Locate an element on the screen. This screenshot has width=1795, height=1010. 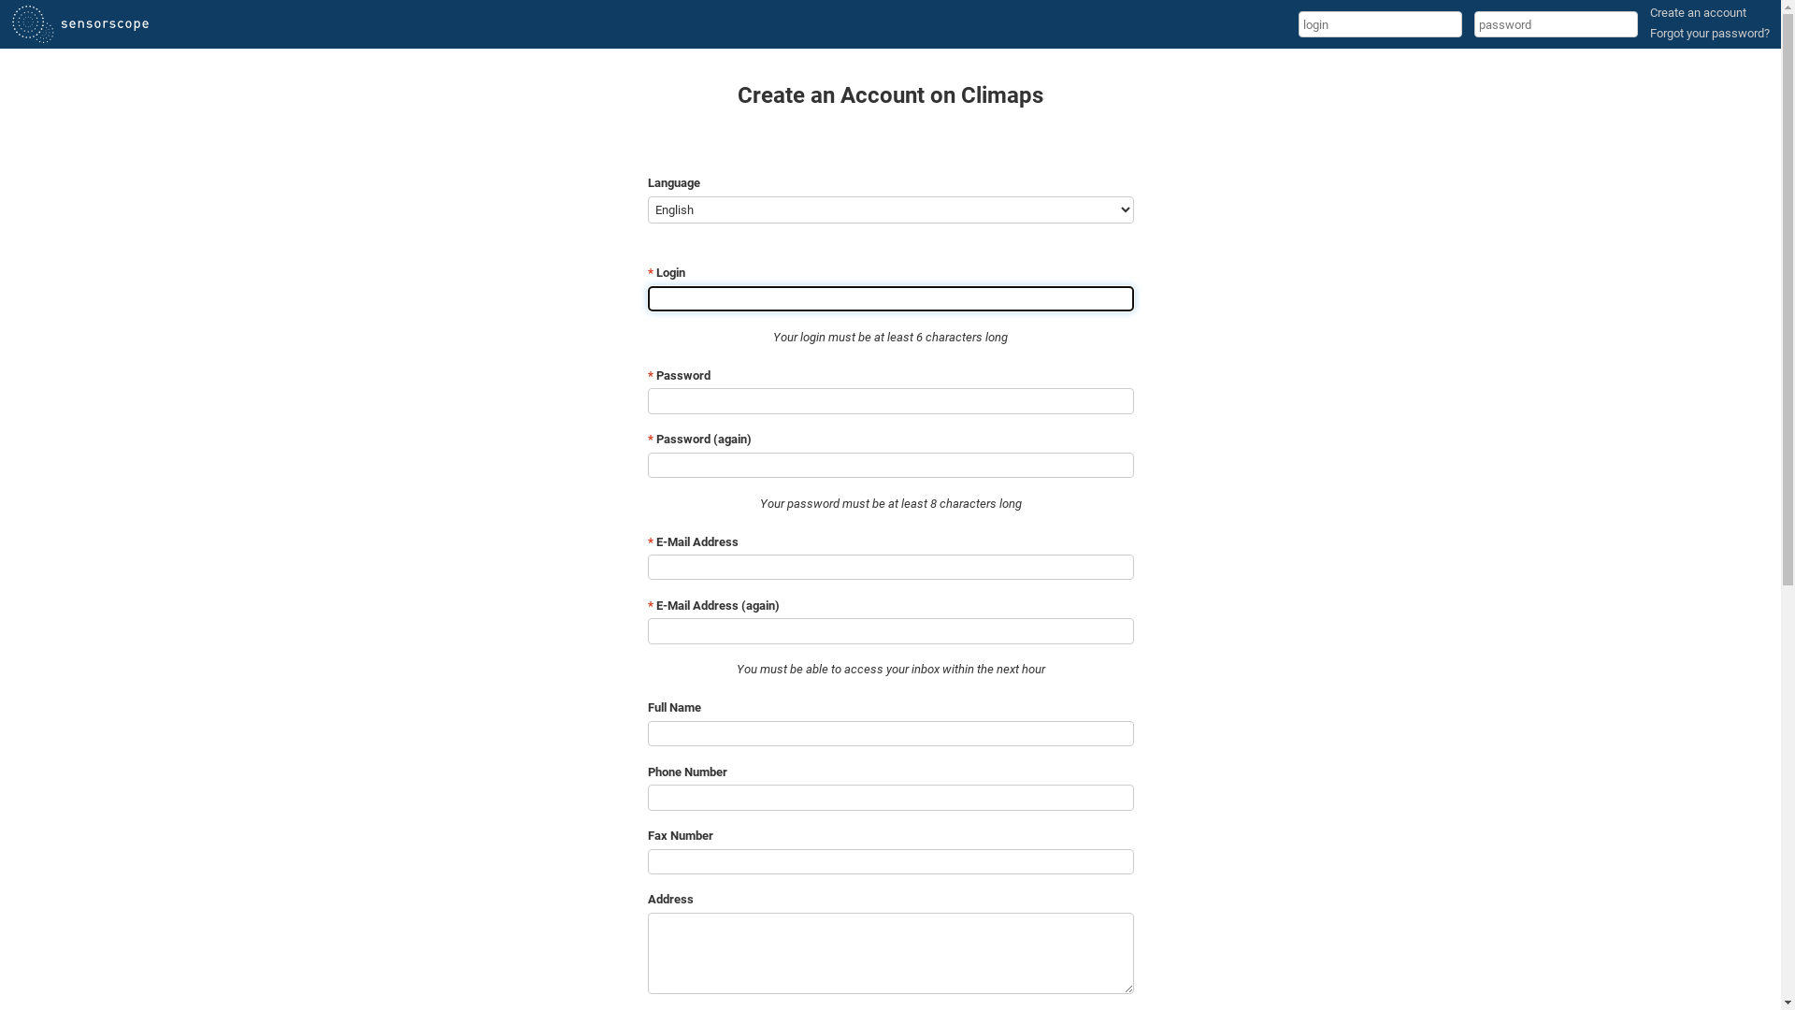
'Create an account' is located at coordinates (1698, 12).